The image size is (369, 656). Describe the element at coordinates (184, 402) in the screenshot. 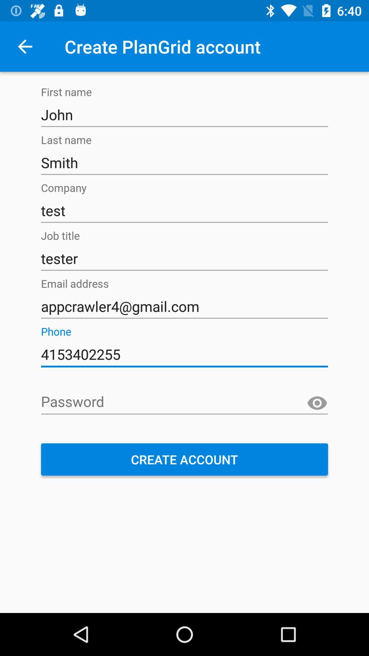

I see `your password` at that location.